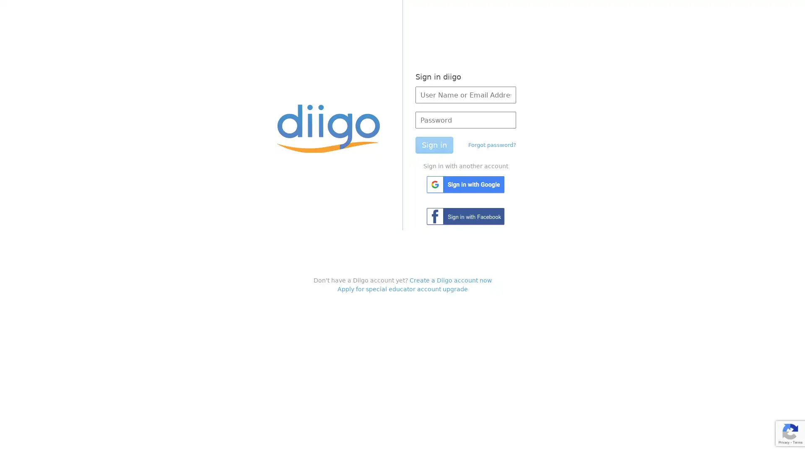  I want to click on Sign in, so click(434, 145).